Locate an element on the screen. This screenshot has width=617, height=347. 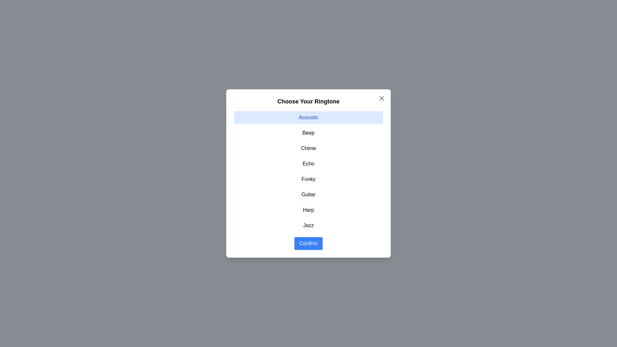
the ringtone Harp from the list is located at coordinates (308, 210).